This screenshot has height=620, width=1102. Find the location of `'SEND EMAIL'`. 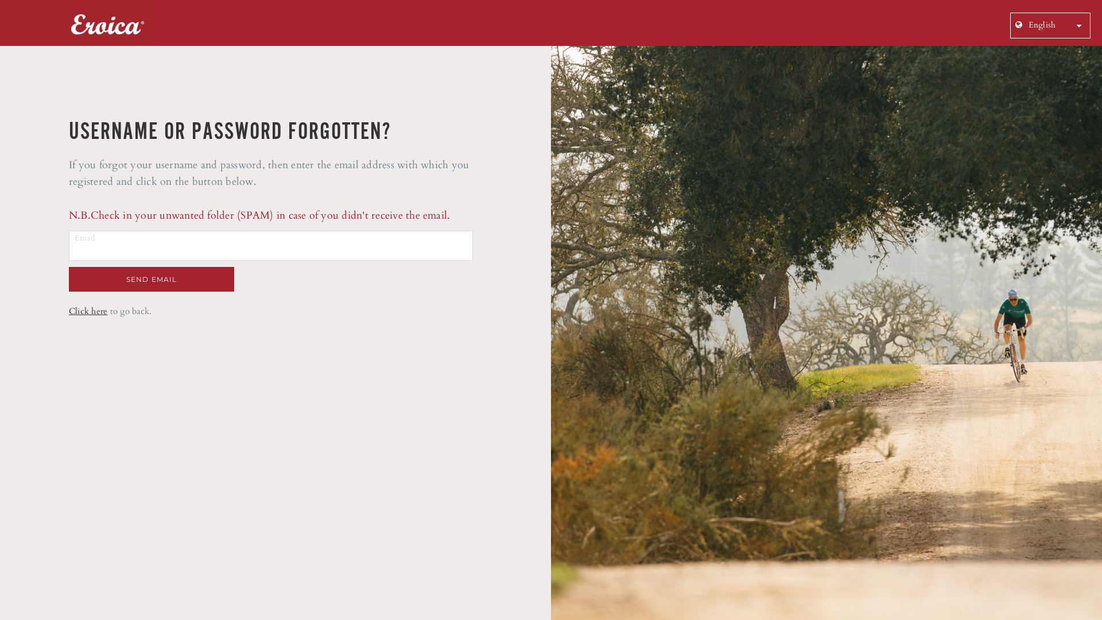

'SEND EMAIL' is located at coordinates (151, 279).